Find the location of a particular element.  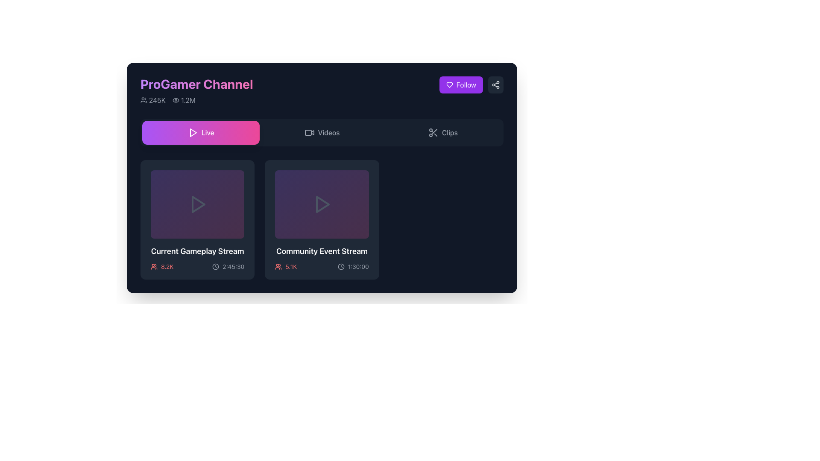

the 'Community Event Stream' text label, which is styled with bold, white font against a dark background and located at the bottom of the right card in a card-like interface is located at coordinates (321, 251).